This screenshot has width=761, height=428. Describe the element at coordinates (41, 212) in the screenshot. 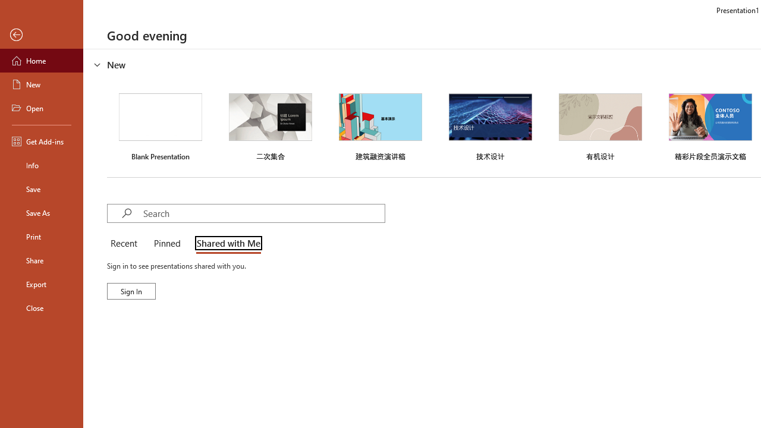

I see `'Save As'` at that location.